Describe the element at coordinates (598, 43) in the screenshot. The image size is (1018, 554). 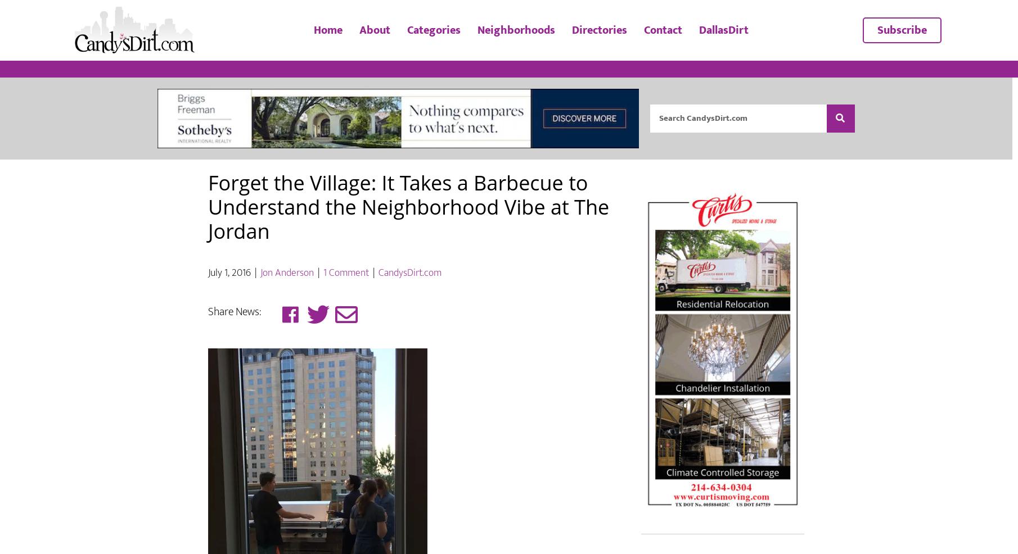
I see `'Directories'` at that location.